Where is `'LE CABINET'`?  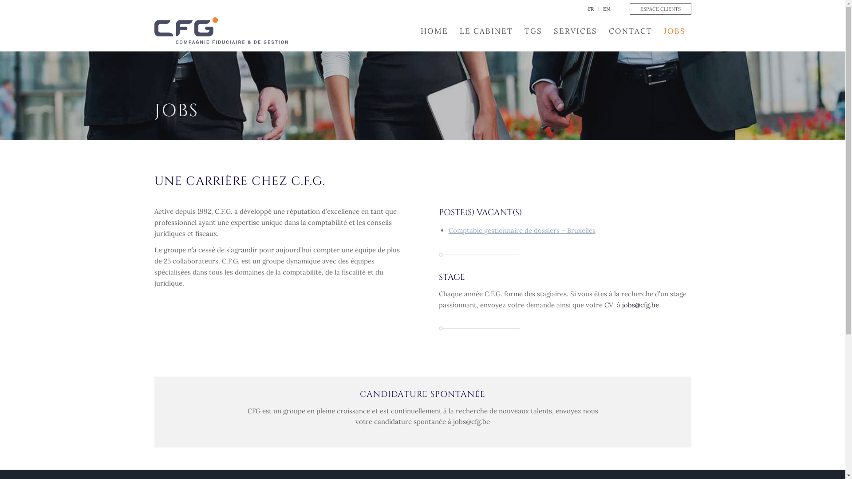
'LE CABINET' is located at coordinates (485, 30).